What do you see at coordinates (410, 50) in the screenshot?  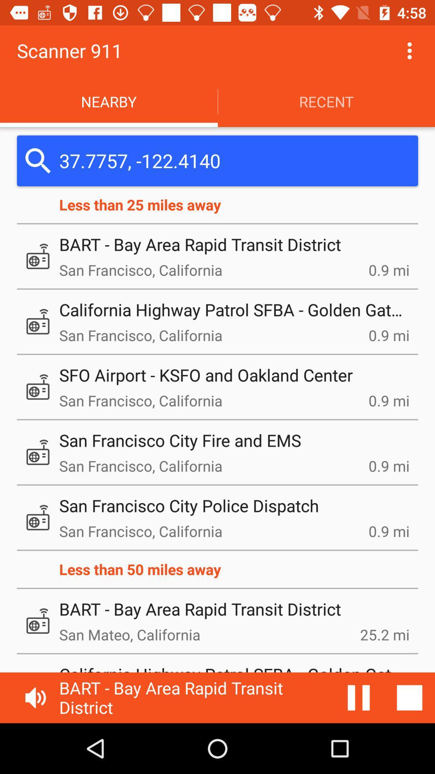 I see `button to enter in the setting` at bounding box center [410, 50].